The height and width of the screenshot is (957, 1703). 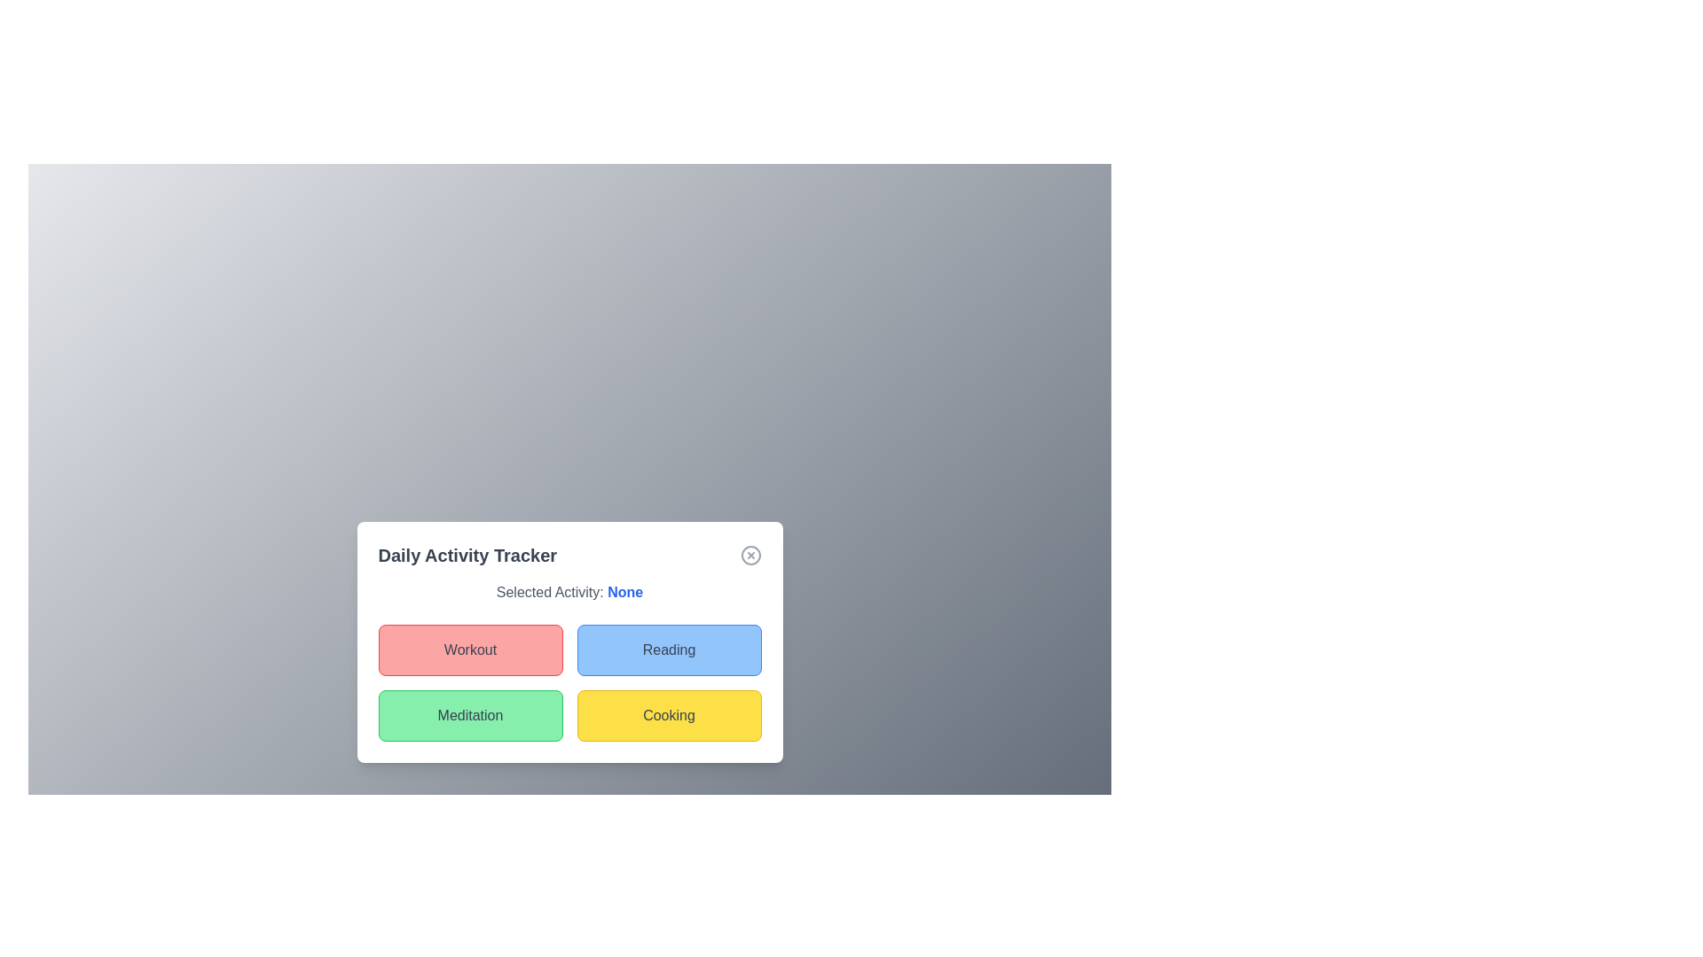 What do you see at coordinates (470, 714) in the screenshot?
I see `the activity Meditation by clicking on the respective button` at bounding box center [470, 714].